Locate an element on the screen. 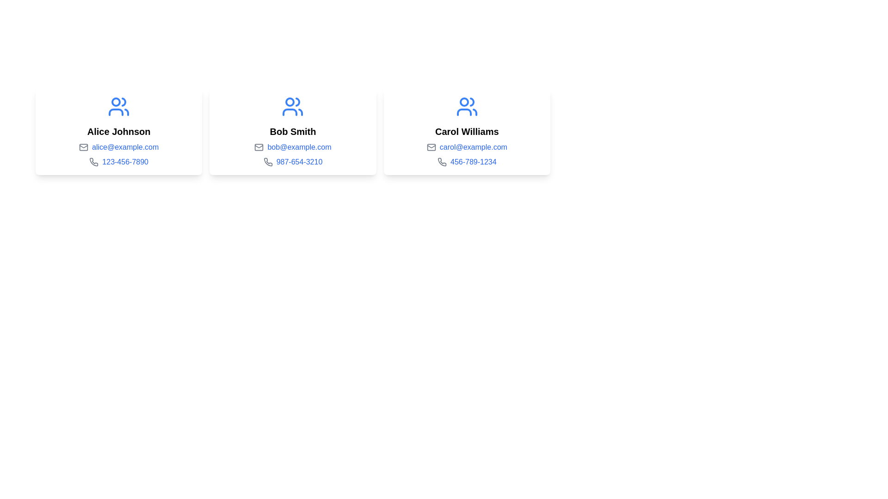 The height and width of the screenshot is (499, 888). the SVG graphical element that visually represents the phone number, which is located to the left of '123-456-7890' in the bottom-left section of the card for 'Alice Johnson' is located at coordinates (94, 162).